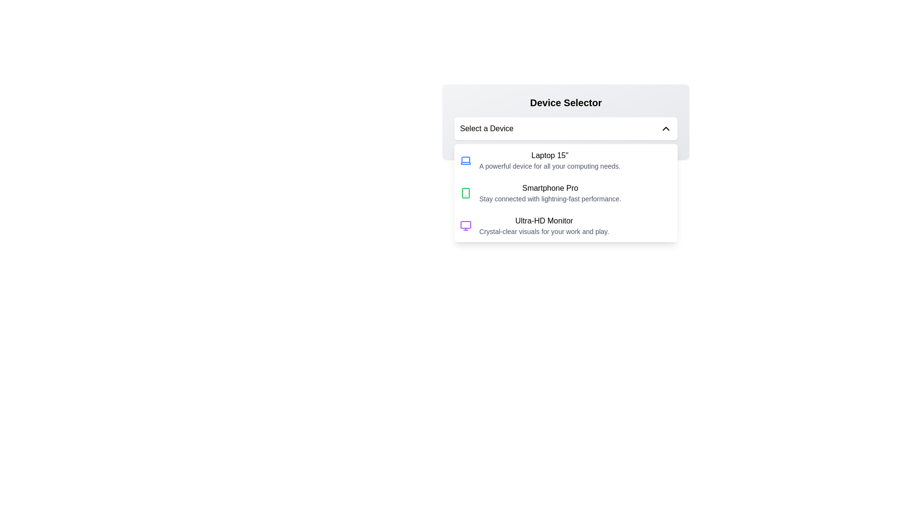 The height and width of the screenshot is (519, 924). Describe the element at coordinates (566, 193) in the screenshot. I see `to select the second item in the dropdown menu, which features a green smartphone icon and the title 'Smartphone Pro'` at that location.